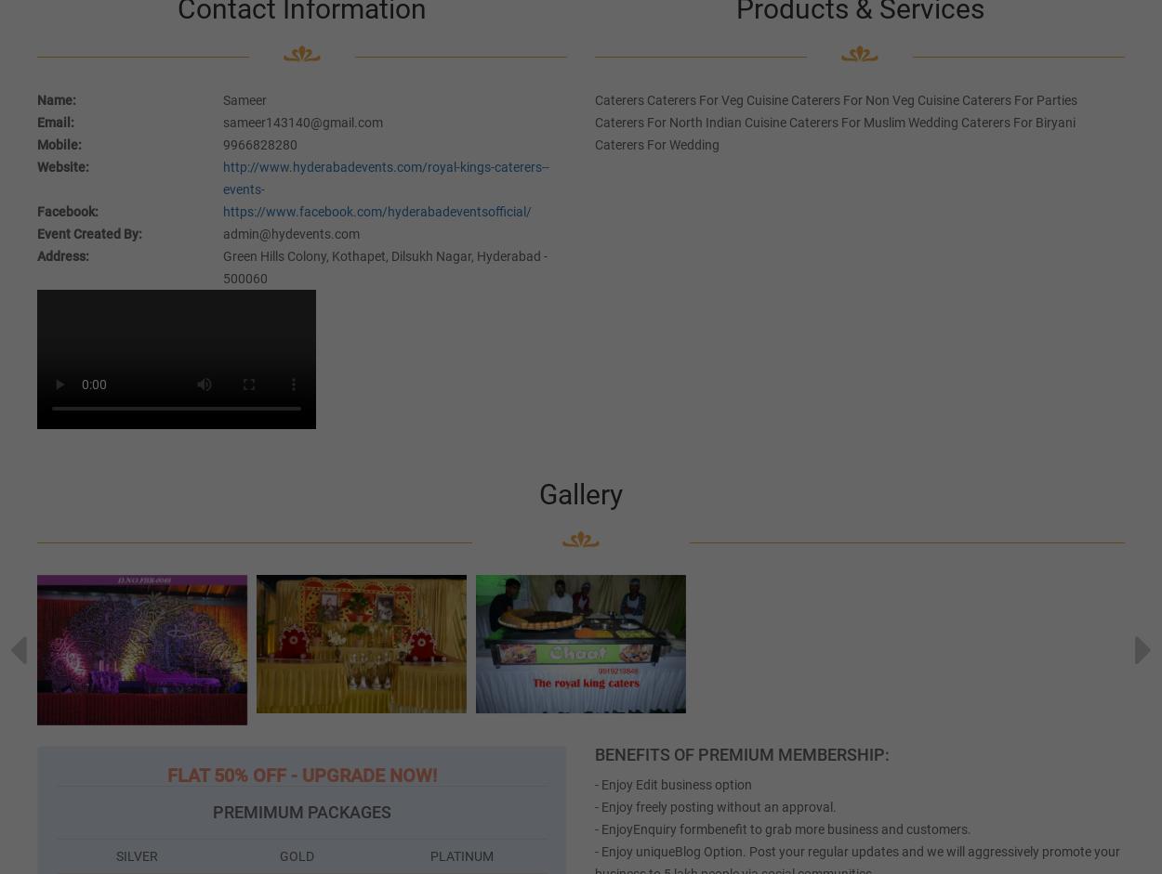 The width and height of the screenshot is (1162, 874). Describe the element at coordinates (461, 854) in the screenshot. I see `'PLATINUM'` at that location.